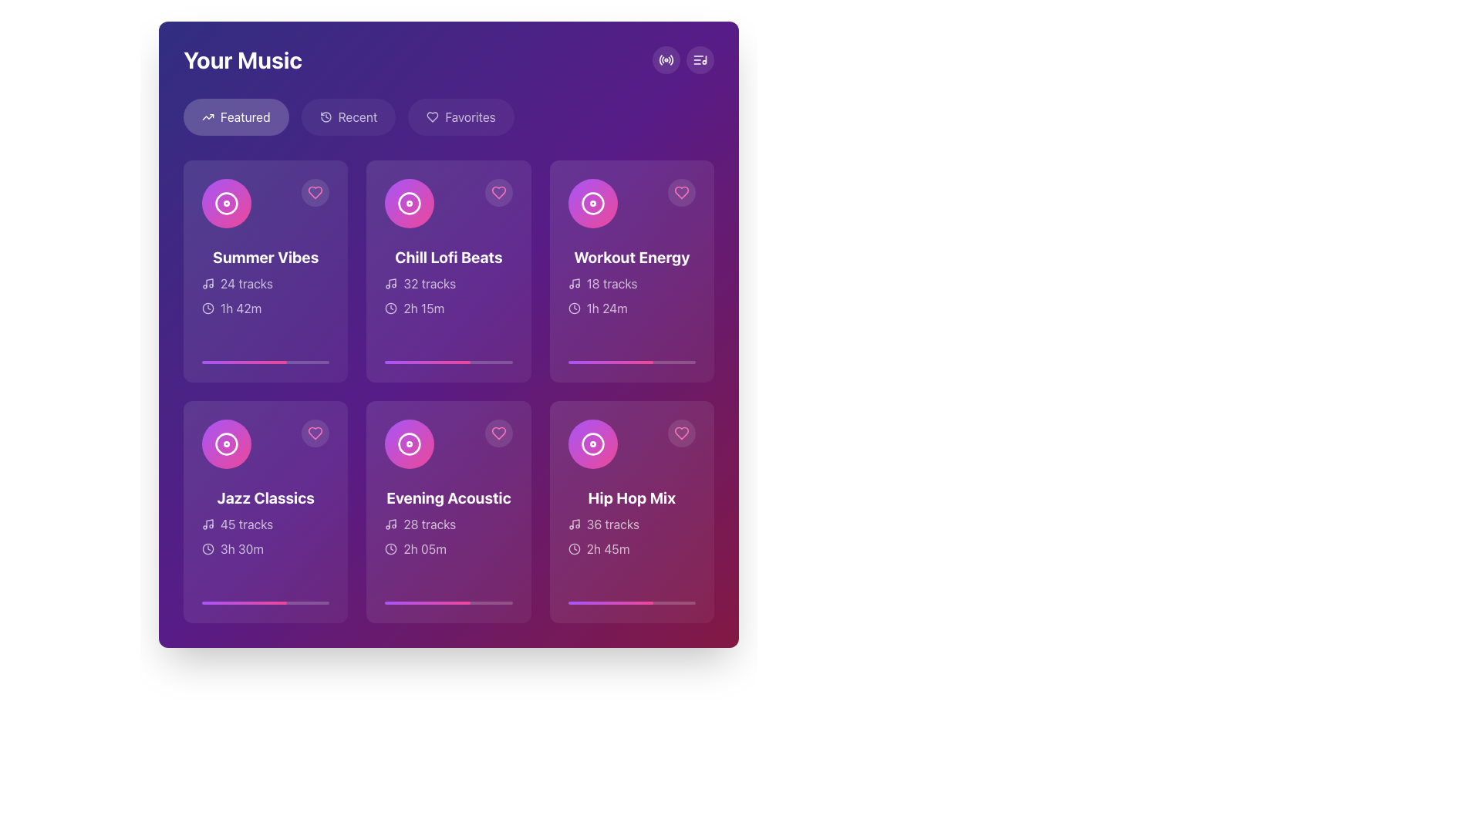 The image size is (1481, 833). Describe the element at coordinates (632, 602) in the screenshot. I see `the Progress Bar located at the bottom center of the 'Hip Hop Mix' card, which indicates the completion level of a task or media consumption` at that location.